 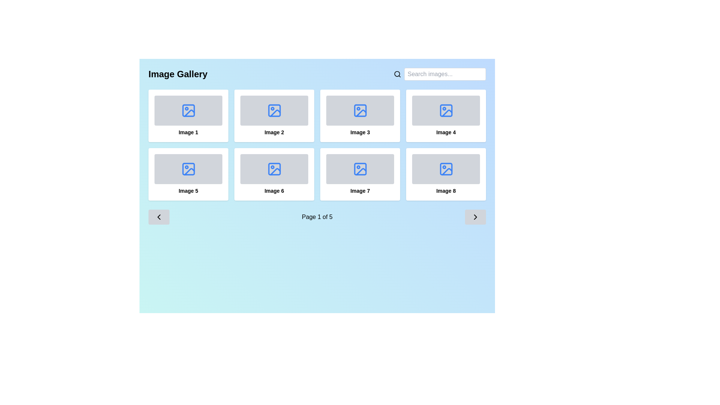 I want to click on on the eighth image card in the image gallery, so click(x=446, y=174).